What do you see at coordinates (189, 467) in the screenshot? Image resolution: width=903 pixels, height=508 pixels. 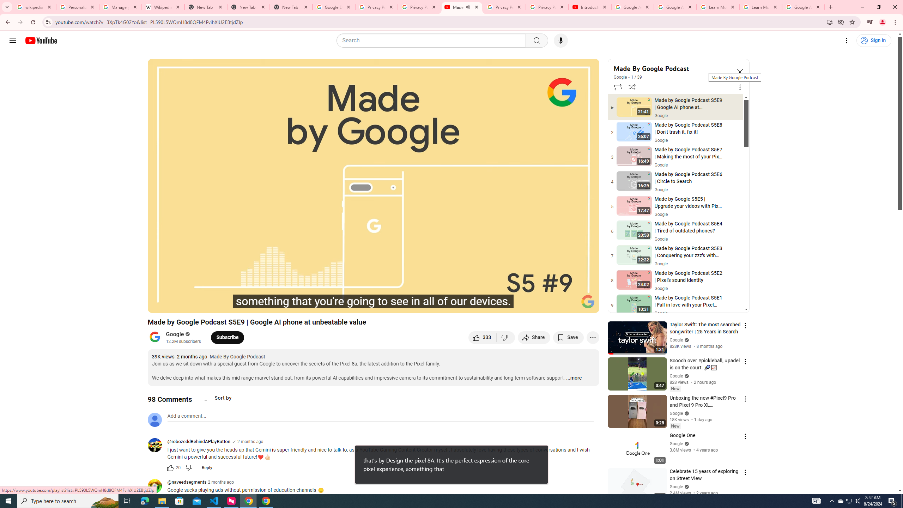 I see `'Dislike this comment'` at bounding box center [189, 467].